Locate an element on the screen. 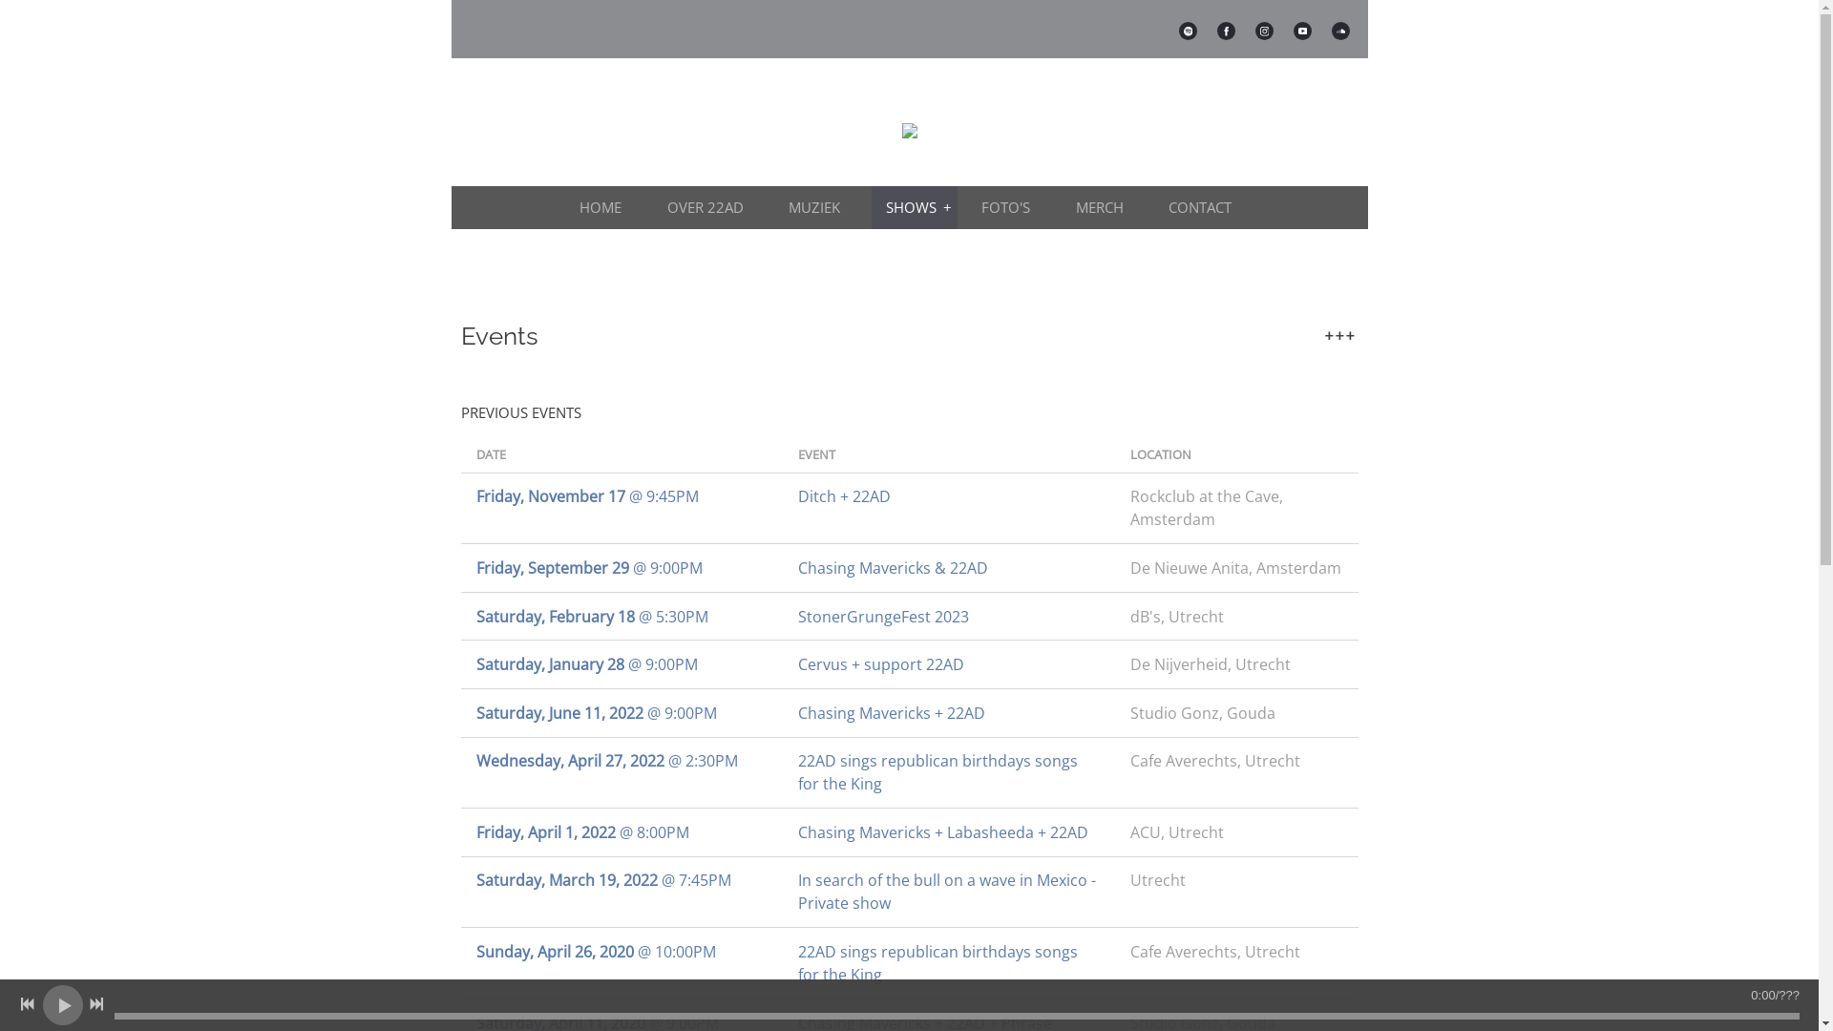 Image resolution: width=1833 pixels, height=1031 pixels. 'SHOWS' is located at coordinates (914, 207).